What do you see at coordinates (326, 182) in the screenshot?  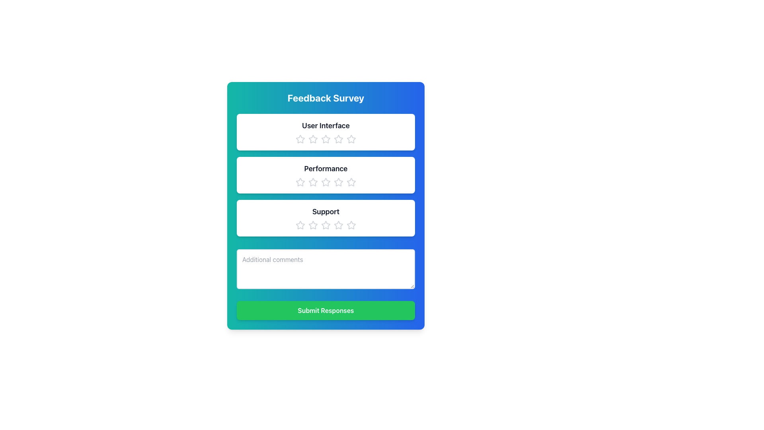 I see `the interactive star icon in the rating component located under the 'Performance' heading to provide a rating` at bounding box center [326, 182].